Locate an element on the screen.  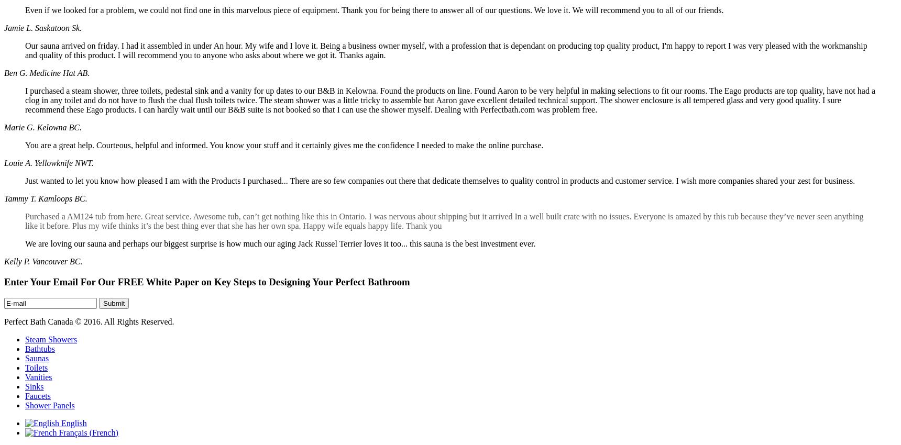
'Faucets' is located at coordinates (37, 395).